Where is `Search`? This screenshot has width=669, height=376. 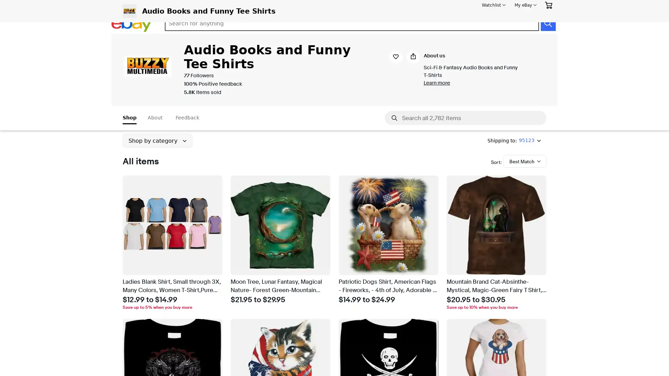 Search is located at coordinates (547, 23).